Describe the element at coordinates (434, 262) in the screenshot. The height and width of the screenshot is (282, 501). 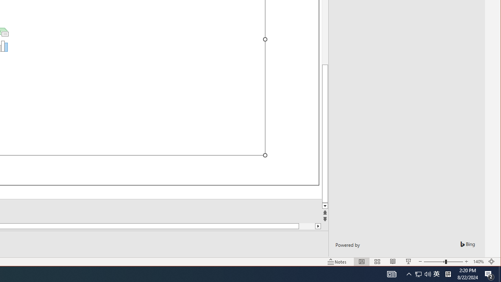
I see `'Zoom Out'` at that location.